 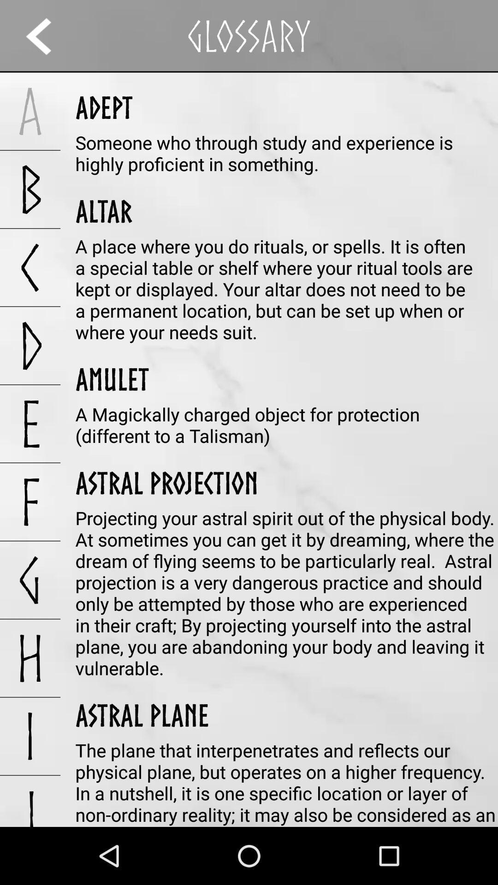 I want to click on the item below astral projection app, so click(x=286, y=593).